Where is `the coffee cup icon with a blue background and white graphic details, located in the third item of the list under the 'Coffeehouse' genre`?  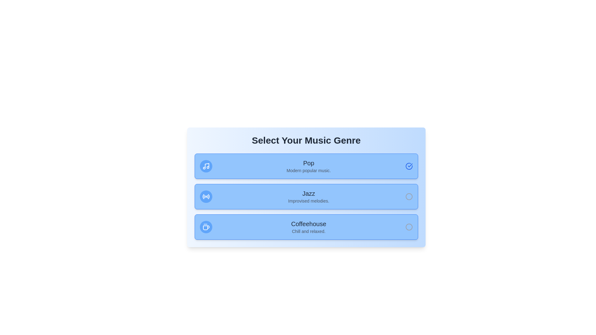
the coffee cup icon with a blue background and white graphic details, located in the third item of the list under the 'Coffeehouse' genre is located at coordinates (206, 227).